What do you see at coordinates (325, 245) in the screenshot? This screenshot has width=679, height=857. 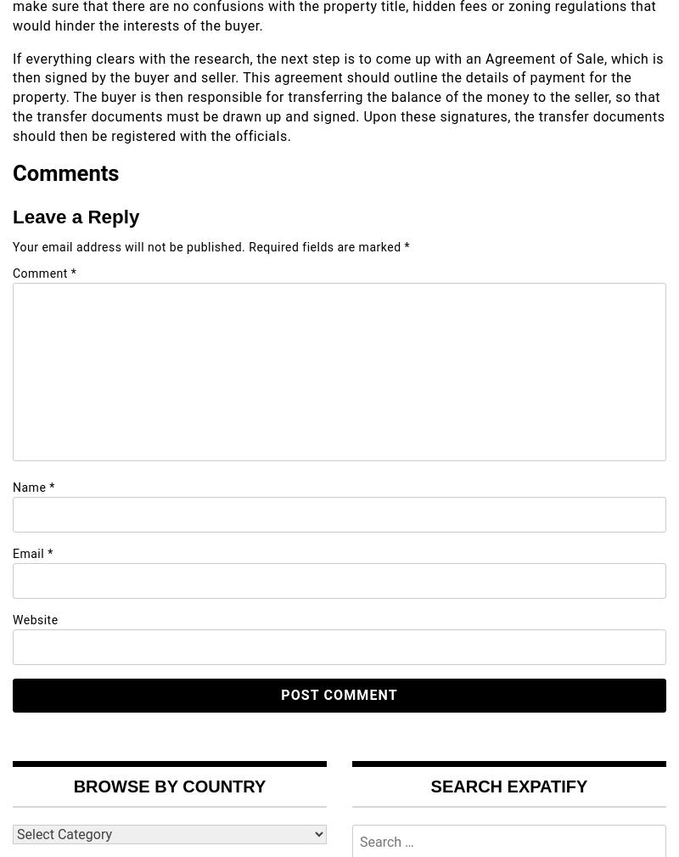 I see `'Required fields are marked'` at bounding box center [325, 245].